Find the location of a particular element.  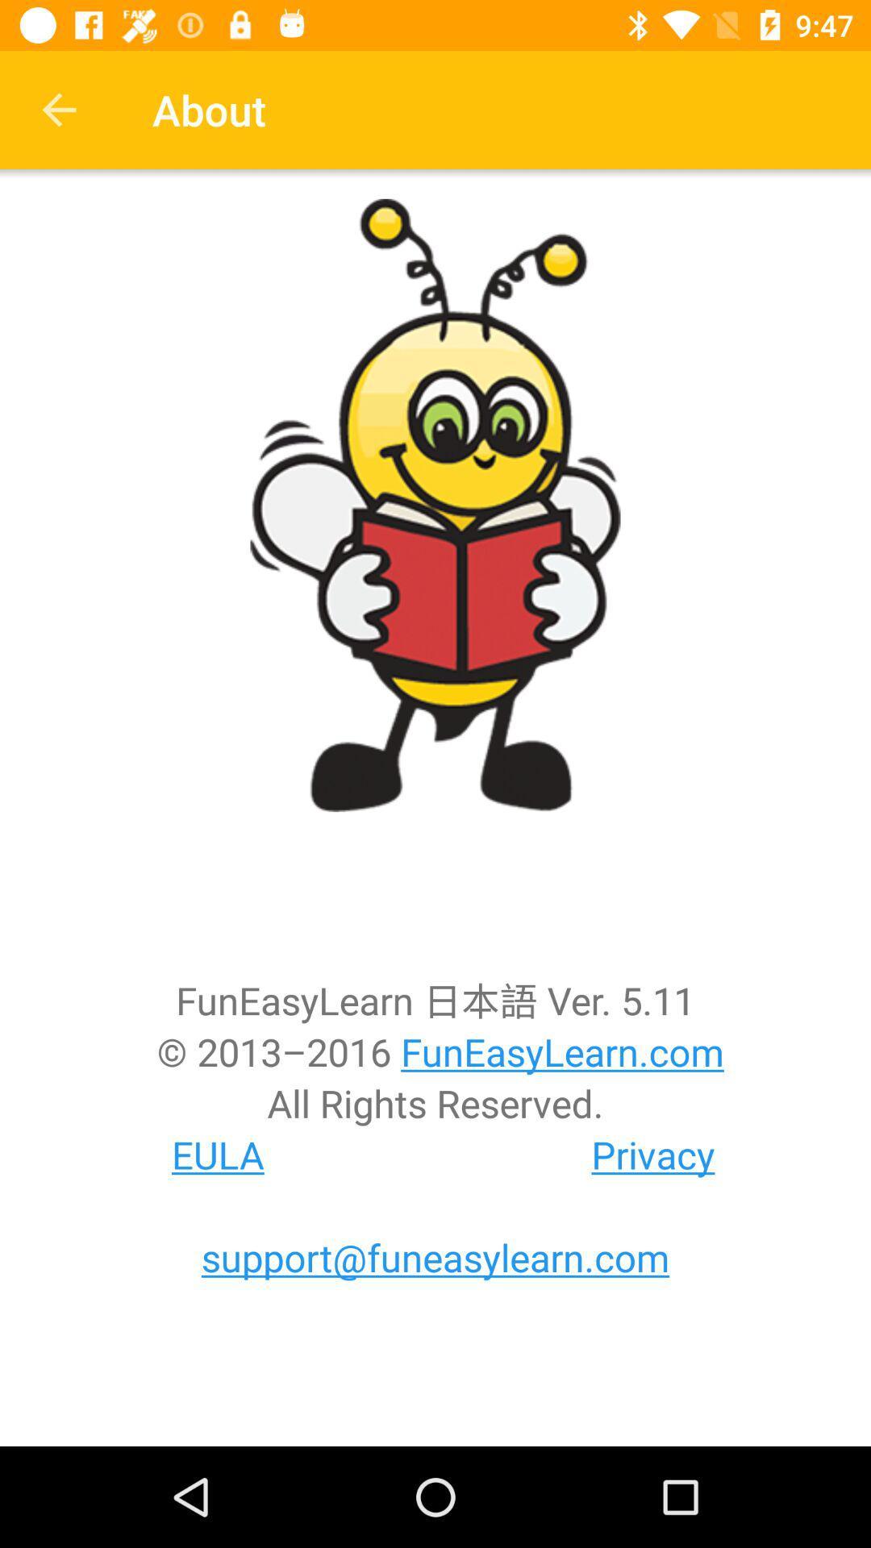

eula is located at coordinates (218, 1154).